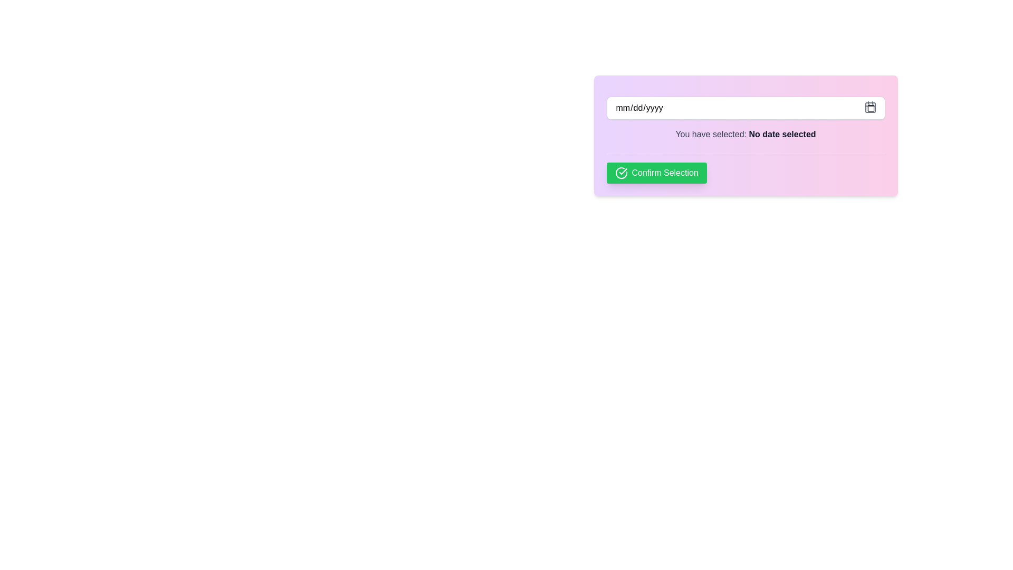 Image resolution: width=1013 pixels, height=570 pixels. Describe the element at coordinates (621, 172) in the screenshot. I see `the visual state of the circular green checkmark icon located to the left of the 'Confirm Selection' button` at that location.